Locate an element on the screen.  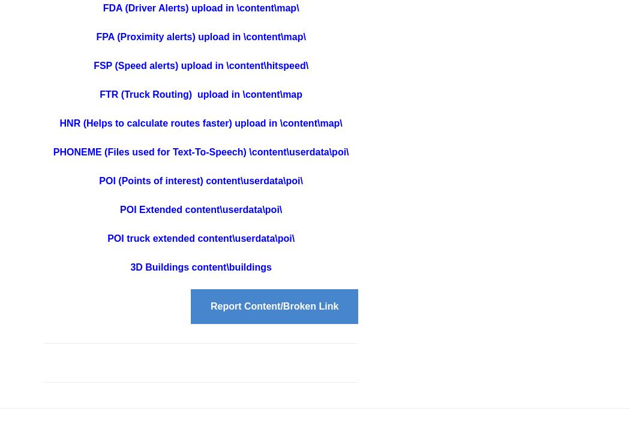
'POI (Points of interest)' is located at coordinates (152, 181).